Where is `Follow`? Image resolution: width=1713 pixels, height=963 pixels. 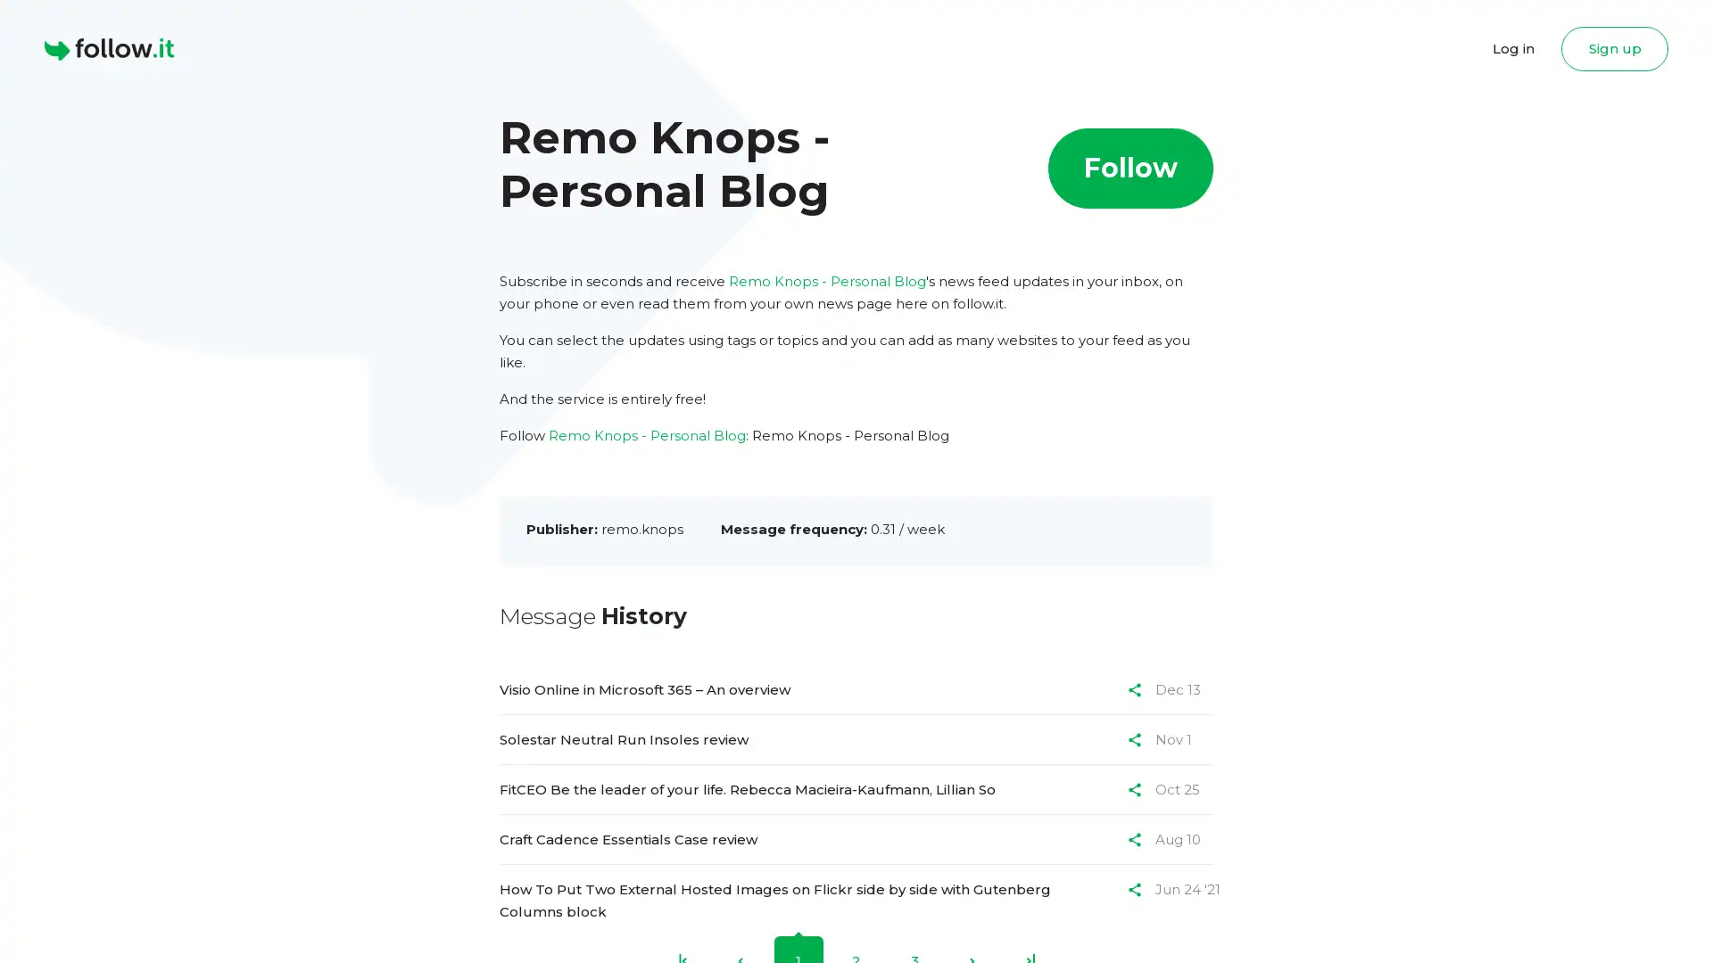
Follow is located at coordinates (1130, 169).